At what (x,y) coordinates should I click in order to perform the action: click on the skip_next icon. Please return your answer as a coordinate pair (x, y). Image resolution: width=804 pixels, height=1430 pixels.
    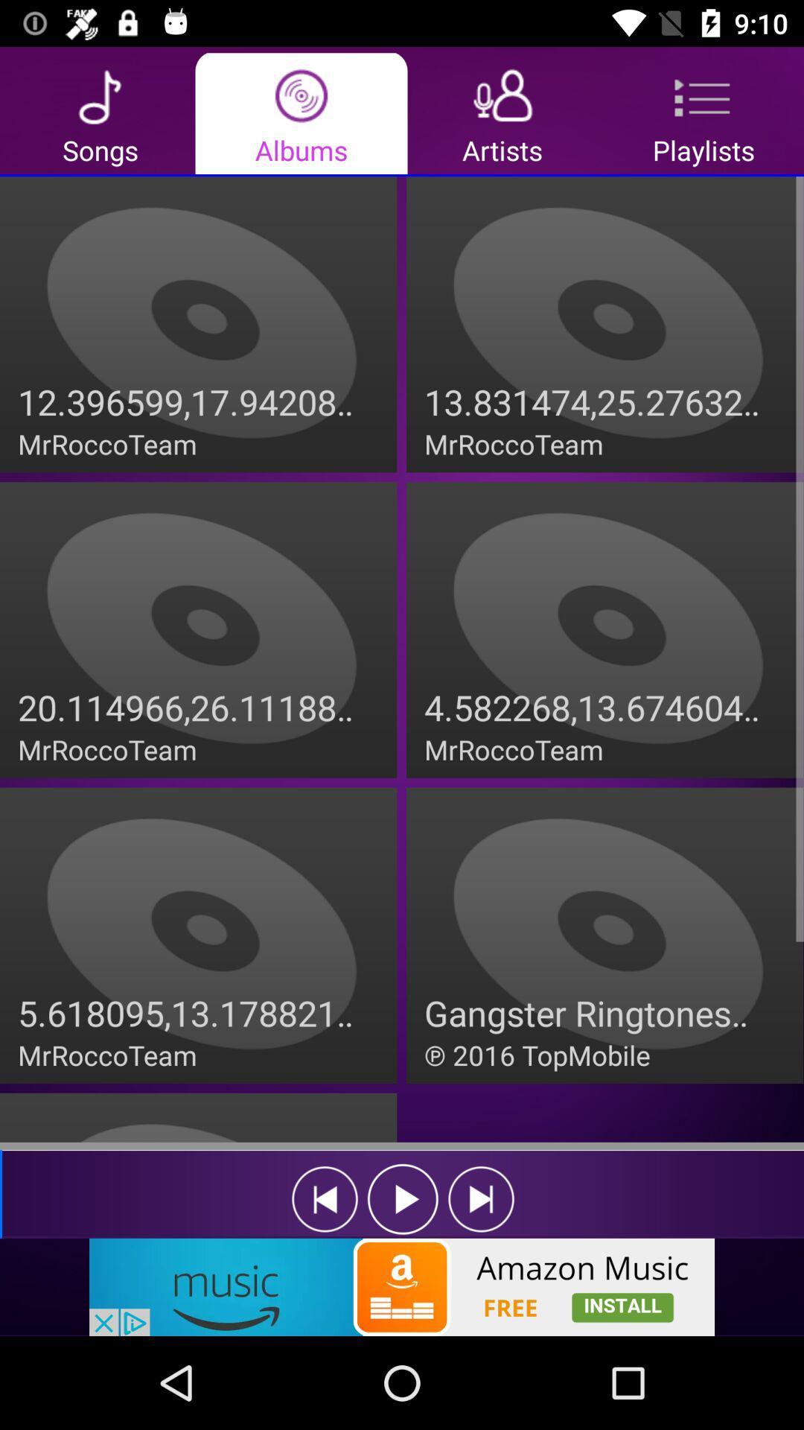
    Looking at the image, I should click on (481, 1199).